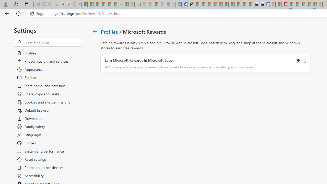 This screenshot has height=184, width=327. What do you see at coordinates (255, 4) in the screenshot?
I see `'Cheap Car Rentals - Save70.com'` at bounding box center [255, 4].